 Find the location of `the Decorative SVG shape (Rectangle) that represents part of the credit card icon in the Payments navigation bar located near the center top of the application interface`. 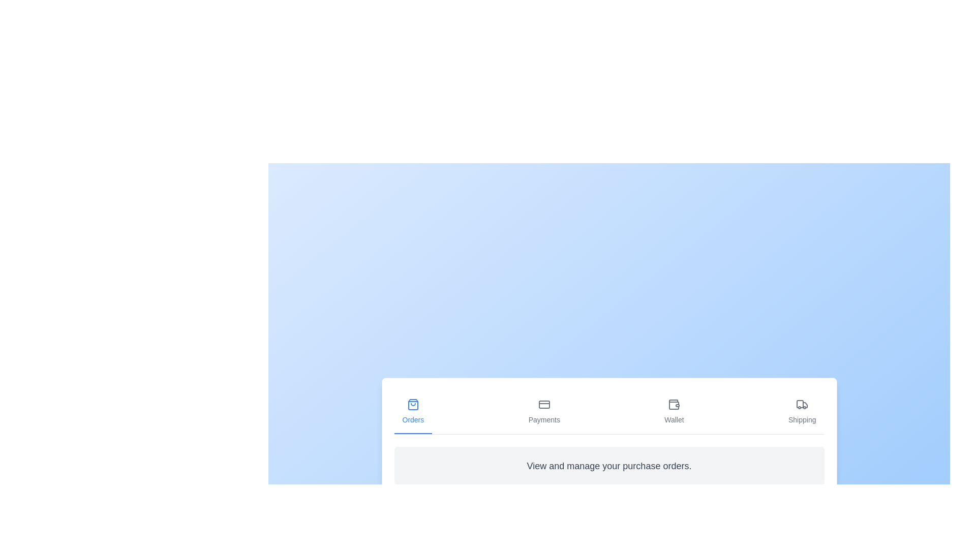

the Decorative SVG shape (Rectangle) that represents part of the credit card icon in the Payments navigation bar located near the center top of the application interface is located at coordinates (543, 404).